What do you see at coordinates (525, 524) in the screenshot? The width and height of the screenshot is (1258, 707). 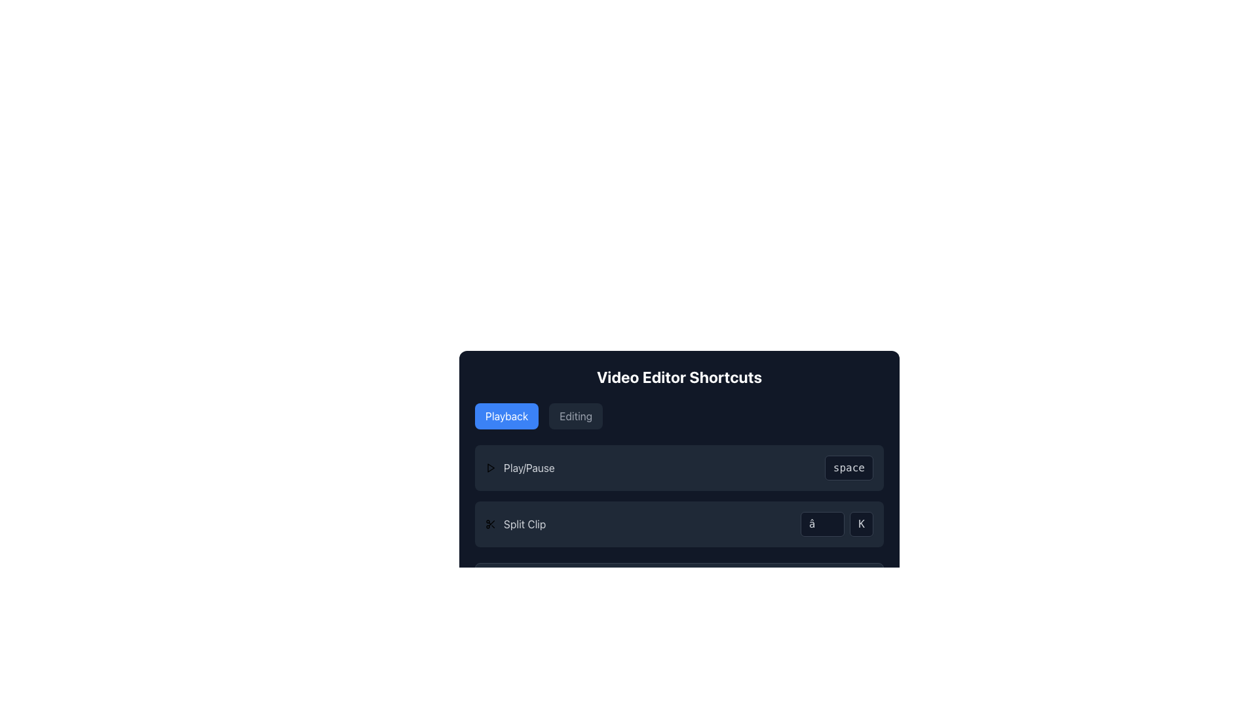 I see `the 'Split Clip' text label, which is styled in light-gray font on a dark background and located in the 'Video Editor Shortcuts' section, following a scissors icon` at bounding box center [525, 524].